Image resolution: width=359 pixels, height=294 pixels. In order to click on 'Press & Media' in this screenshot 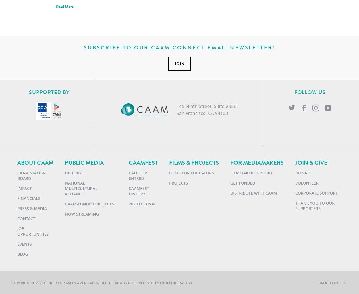, I will do `click(32, 208)`.